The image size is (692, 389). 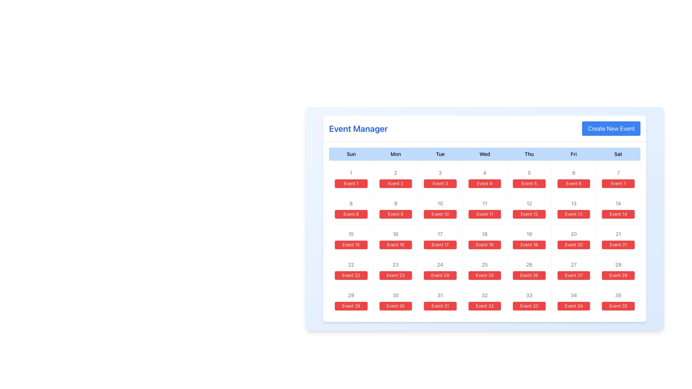 I want to click on the static Text Label displaying the event associated with day 13 in the calendar, located in the sixth column and third row, so click(x=573, y=214).